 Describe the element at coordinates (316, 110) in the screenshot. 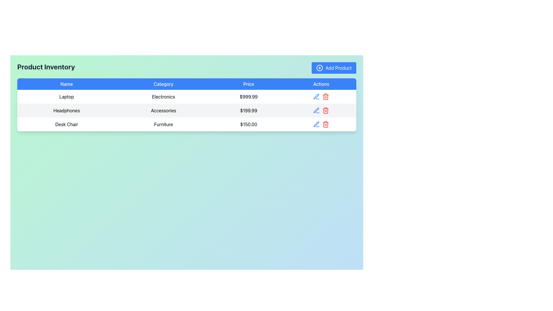

I see `the stylized pen icon located in the Actions column of the second row in the table` at that location.